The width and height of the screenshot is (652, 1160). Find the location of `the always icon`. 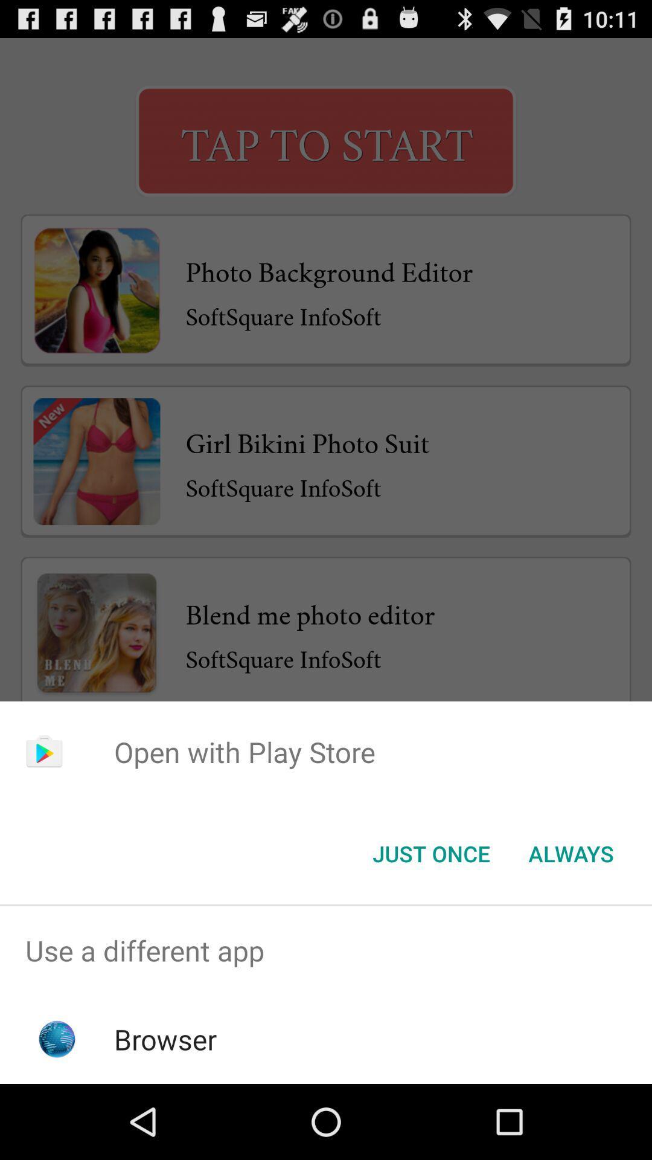

the always icon is located at coordinates (570, 852).